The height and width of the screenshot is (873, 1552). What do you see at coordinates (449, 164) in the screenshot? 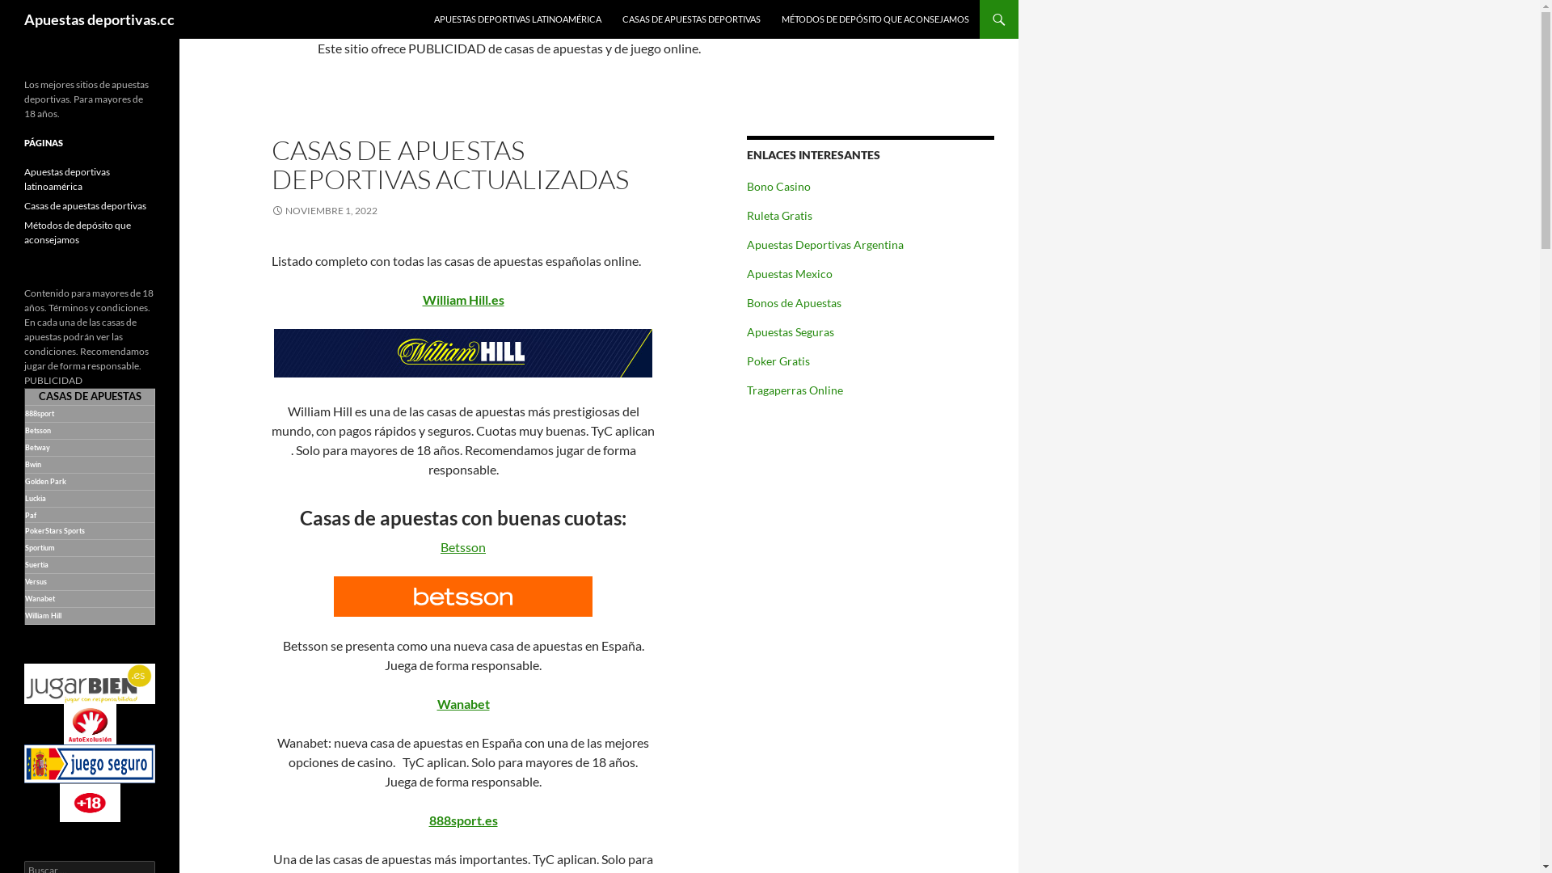
I see `'CASAS DE APUESTAS DEPORTIVAS ACTUALIZADAS'` at bounding box center [449, 164].